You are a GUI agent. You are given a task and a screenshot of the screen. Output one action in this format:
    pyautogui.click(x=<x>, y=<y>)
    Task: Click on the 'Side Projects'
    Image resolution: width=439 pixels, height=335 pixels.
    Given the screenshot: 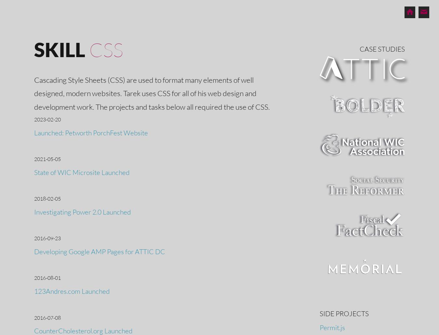 What is the action you would take?
    pyautogui.click(x=344, y=313)
    